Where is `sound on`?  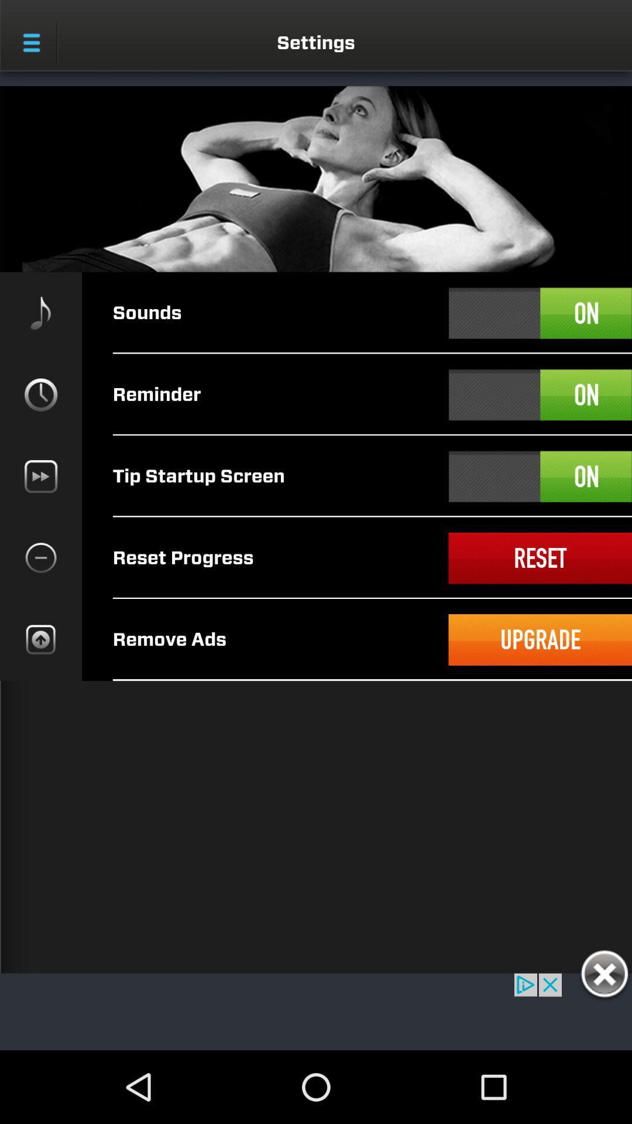
sound on is located at coordinates (540, 313).